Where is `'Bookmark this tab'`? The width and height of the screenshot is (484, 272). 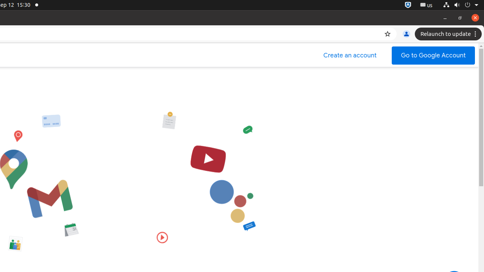
'Bookmark this tab' is located at coordinates (388, 34).